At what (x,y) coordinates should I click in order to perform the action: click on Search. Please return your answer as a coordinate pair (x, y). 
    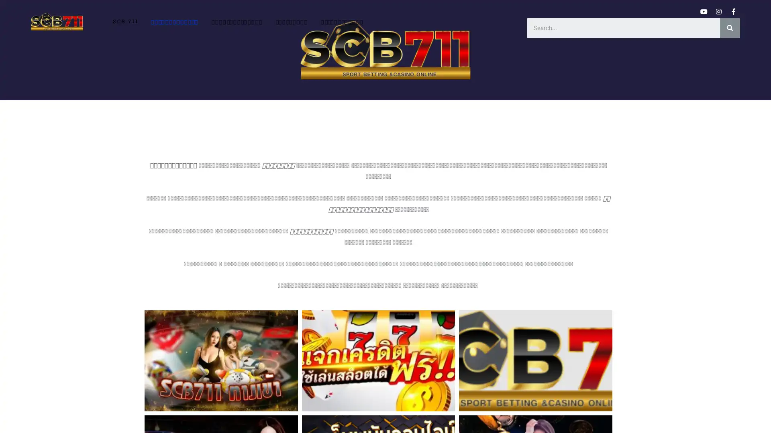
    Looking at the image, I should click on (730, 27).